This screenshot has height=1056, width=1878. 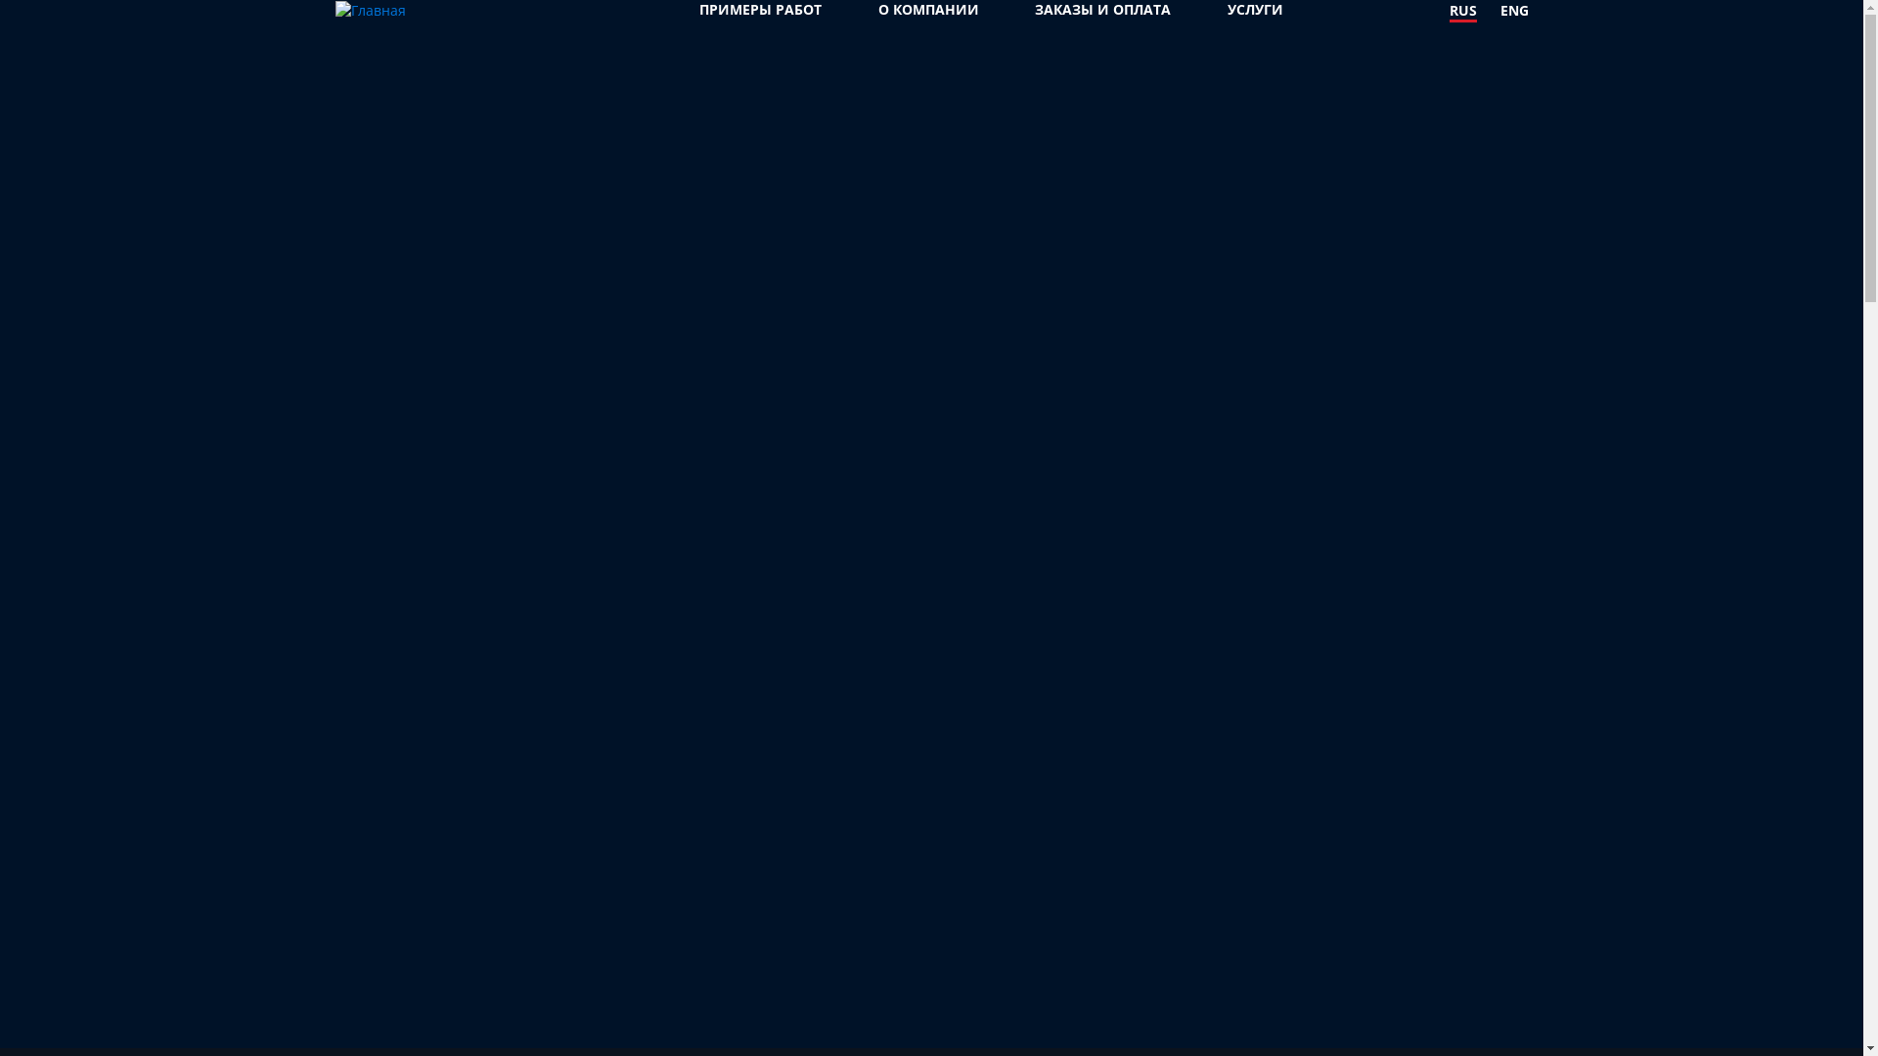 What do you see at coordinates (1463, 11) in the screenshot?
I see `'RUS'` at bounding box center [1463, 11].